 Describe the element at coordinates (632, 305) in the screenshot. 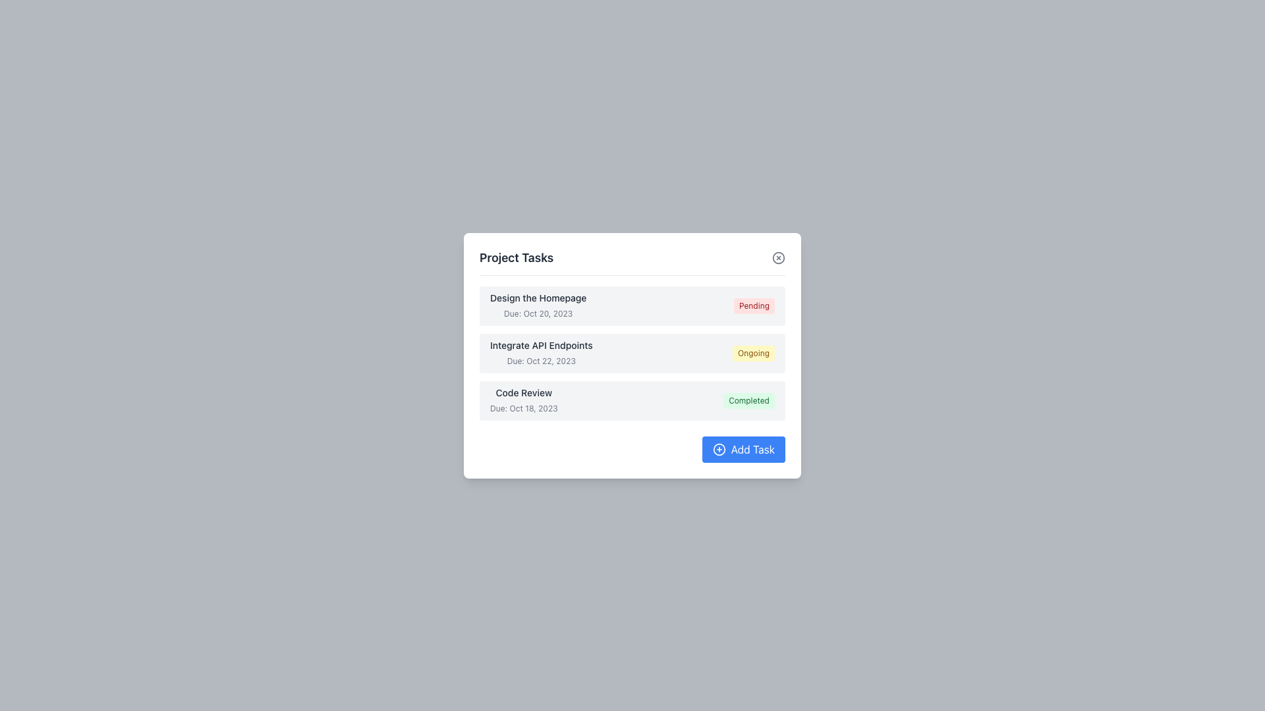

I see `on the first task display row in the task management interface, which shows the task's title, deadline, and current status ('Pending')` at that location.